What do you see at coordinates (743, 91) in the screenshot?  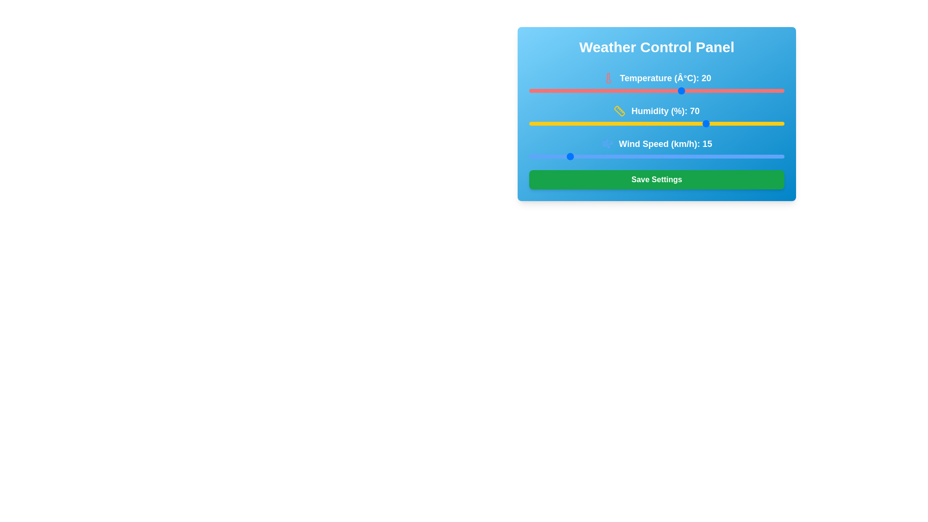 I see `the temperature slider` at bounding box center [743, 91].